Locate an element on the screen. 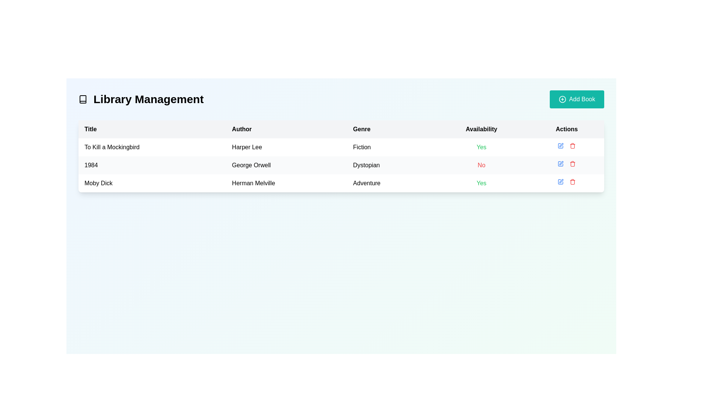 The image size is (721, 405). the edit icon represented by a pen in the 'Actions' column for the item '1984' by George Orwell to initiate the edit action is located at coordinates (561, 145).